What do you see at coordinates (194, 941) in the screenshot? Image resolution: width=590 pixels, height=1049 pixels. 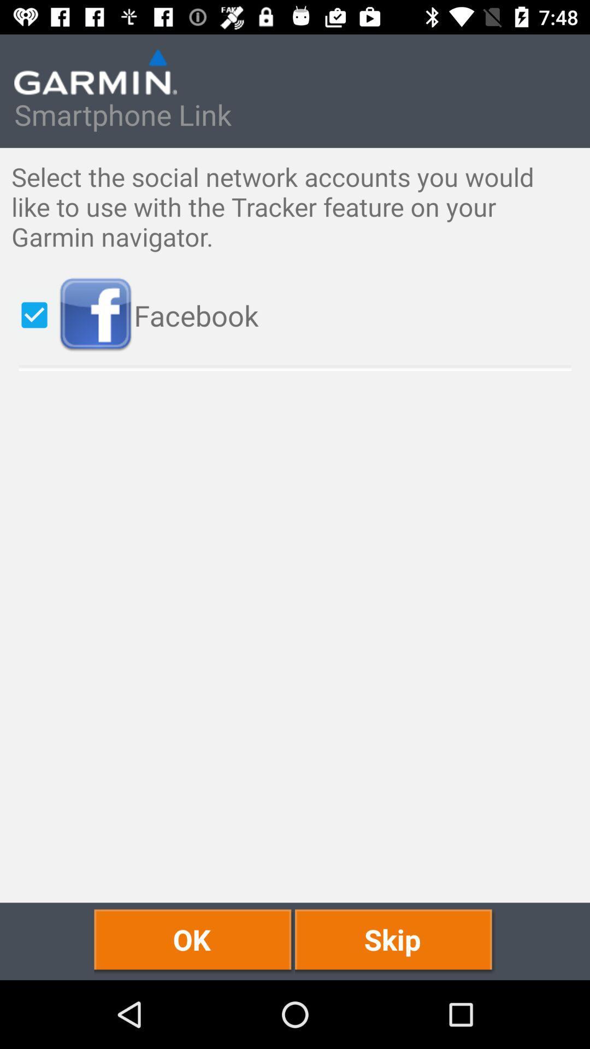 I see `ok` at bounding box center [194, 941].